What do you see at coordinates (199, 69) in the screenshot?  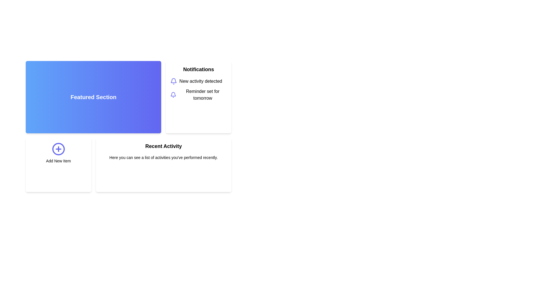 I see `the 'Notifications' text label, which is the bold header of a card section in the upper right area of the interface` at bounding box center [199, 69].